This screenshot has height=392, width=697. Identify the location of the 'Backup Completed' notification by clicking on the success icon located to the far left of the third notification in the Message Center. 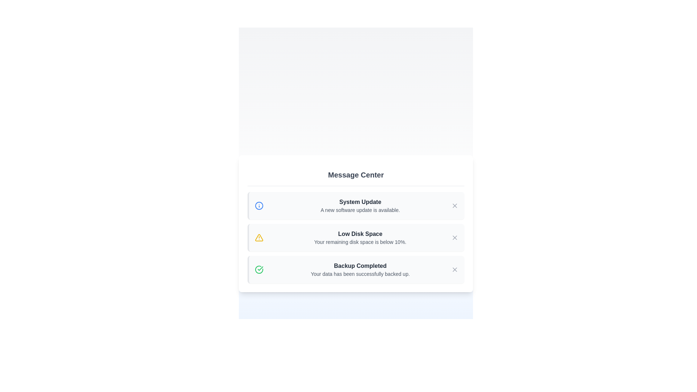
(259, 269).